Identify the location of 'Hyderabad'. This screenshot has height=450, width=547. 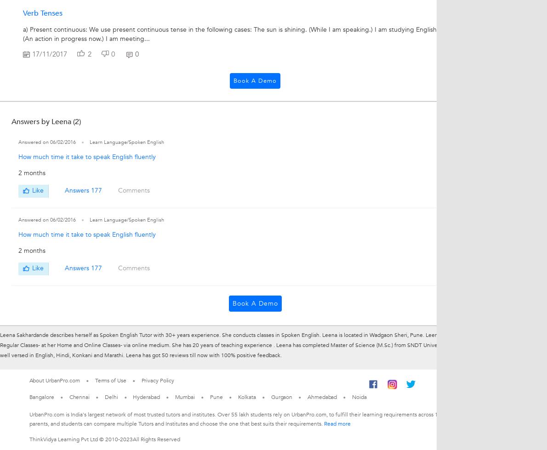
(146, 396).